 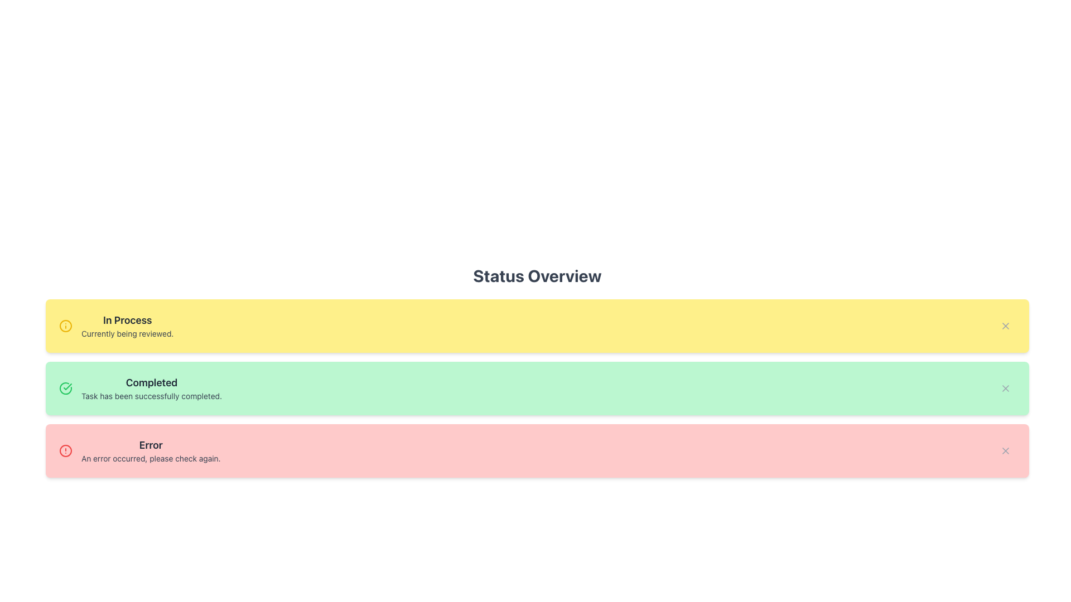 I want to click on the bold 'Error' text element located at the top of the red alert box, which provides an indication of an error with additional descriptive text below it, so click(x=150, y=444).